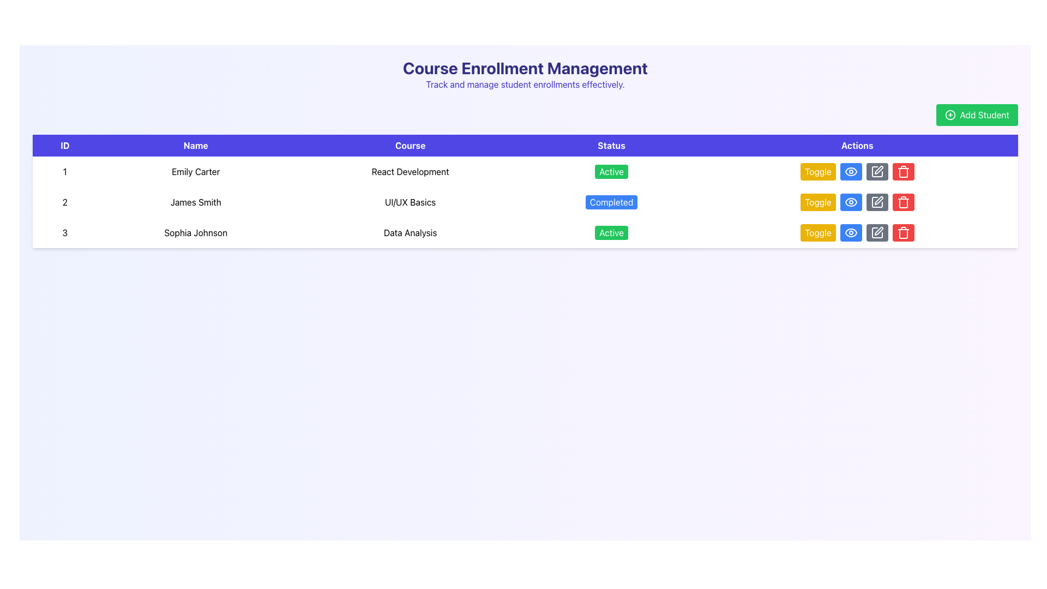 Image resolution: width=1047 pixels, height=589 pixels. What do you see at coordinates (903, 172) in the screenshot?
I see `the red trash can icon in the 'Actions' column of the table` at bounding box center [903, 172].